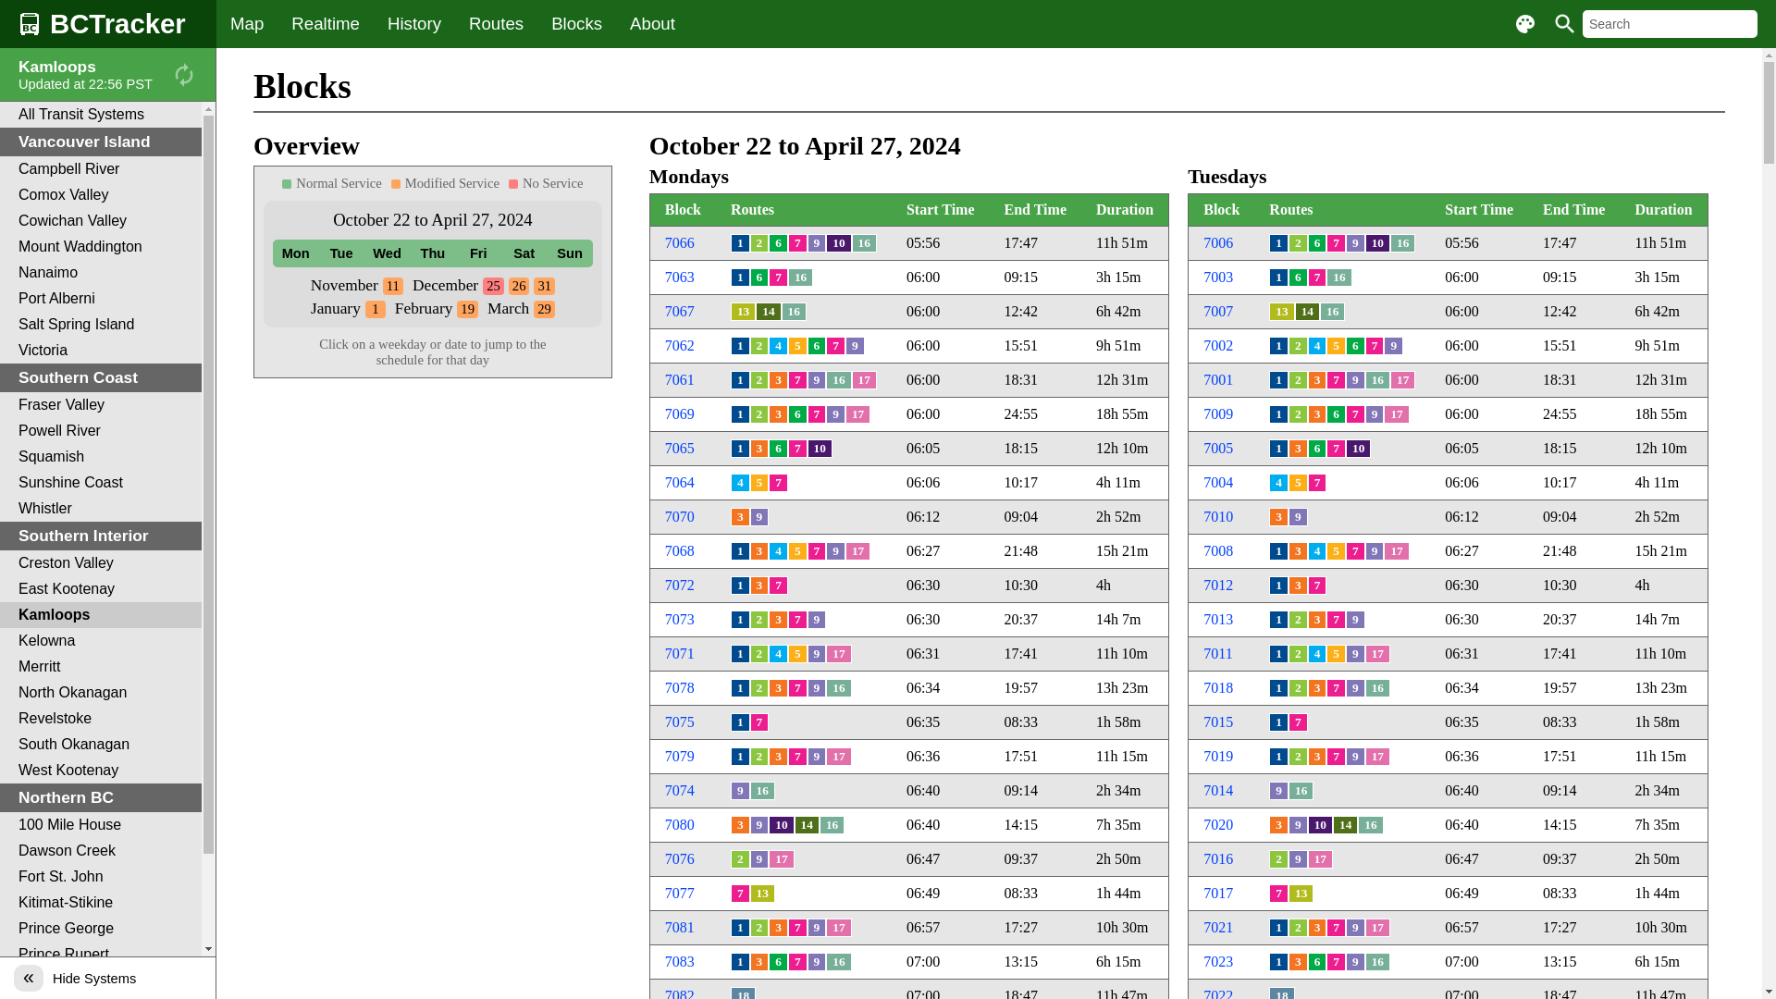 Image resolution: width=1776 pixels, height=999 pixels. I want to click on '6', so click(1316, 961).